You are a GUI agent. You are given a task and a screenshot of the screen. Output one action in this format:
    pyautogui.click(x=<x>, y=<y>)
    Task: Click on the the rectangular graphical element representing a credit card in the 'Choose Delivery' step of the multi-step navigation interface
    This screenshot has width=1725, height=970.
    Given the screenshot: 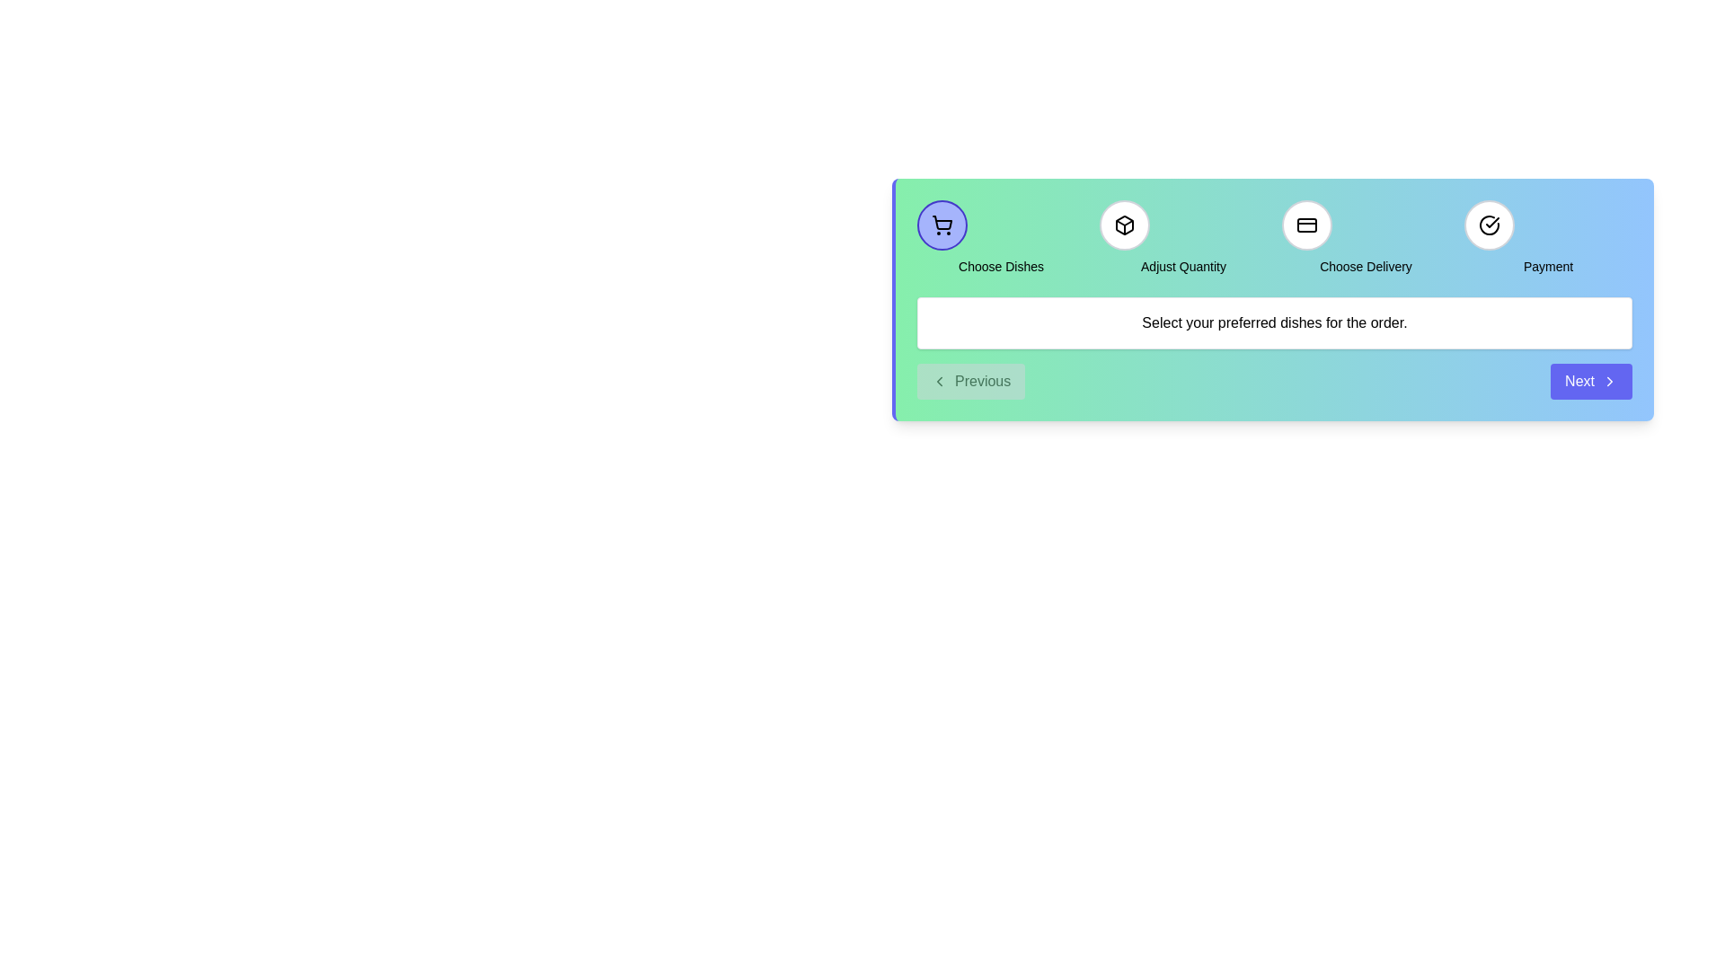 What is the action you would take?
    pyautogui.click(x=1306, y=224)
    